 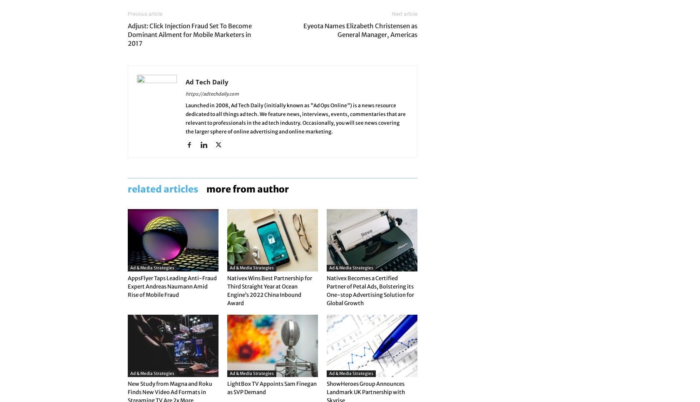 What do you see at coordinates (227, 387) in the screenshot?
I see `'LightBox TV Appoints Sam Finegan as SVP Demand'` at bounding box center [227, 387].